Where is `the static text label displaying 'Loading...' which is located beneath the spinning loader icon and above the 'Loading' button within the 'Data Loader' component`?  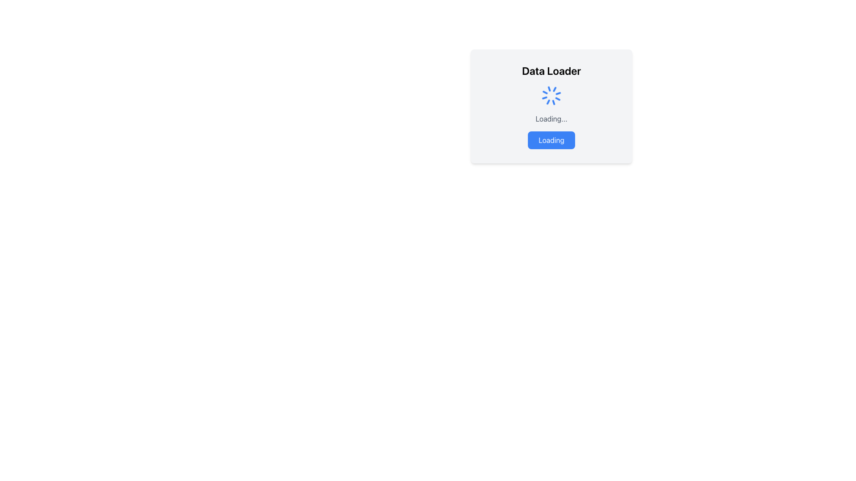
the static text label displaying 'Loading...' which is located beneath the spinning loader icon and above the 'Loading' button within the 'Data Loader' component is located at coordinates (551, 118).